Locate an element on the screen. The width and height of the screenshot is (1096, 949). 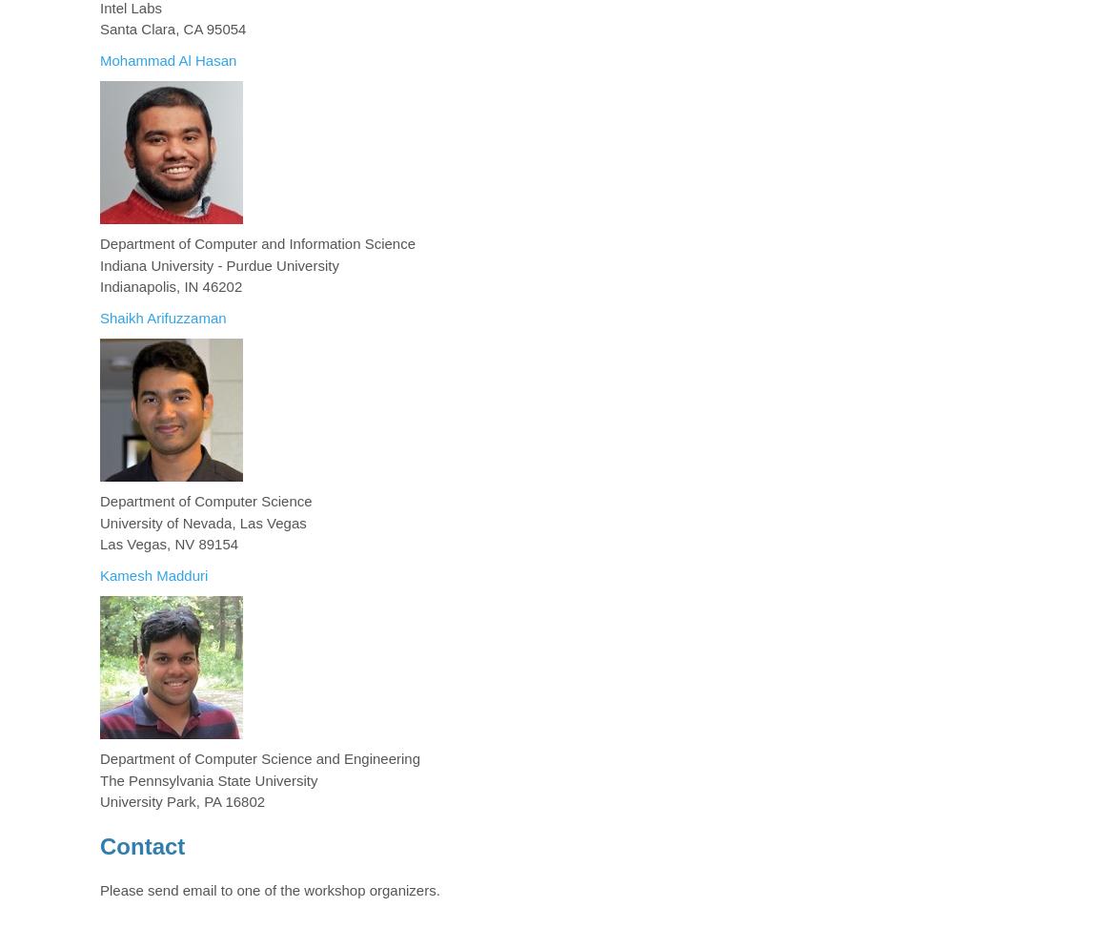
'University Park, PA 16802' is located at coordinates (98, 800).